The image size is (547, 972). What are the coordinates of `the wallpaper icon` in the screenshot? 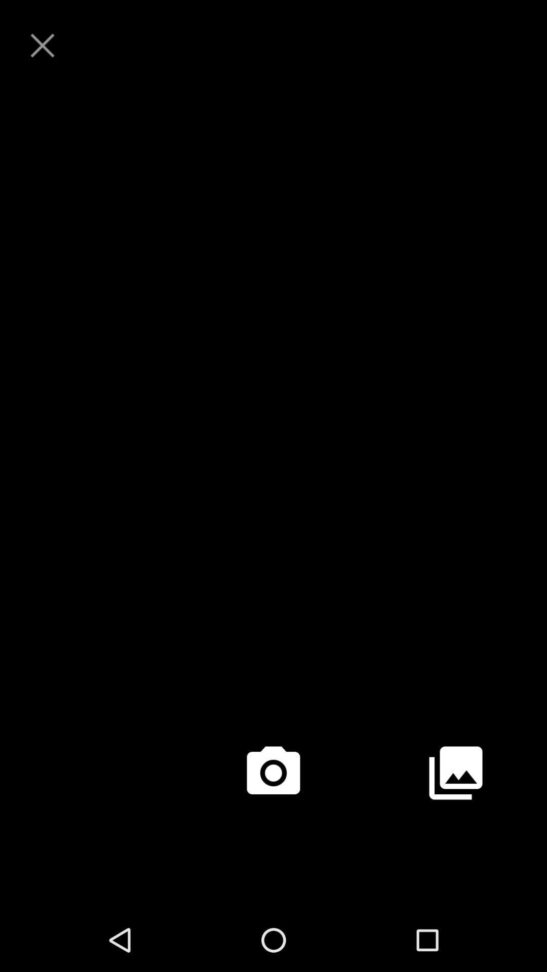 It's located at (455, 827).